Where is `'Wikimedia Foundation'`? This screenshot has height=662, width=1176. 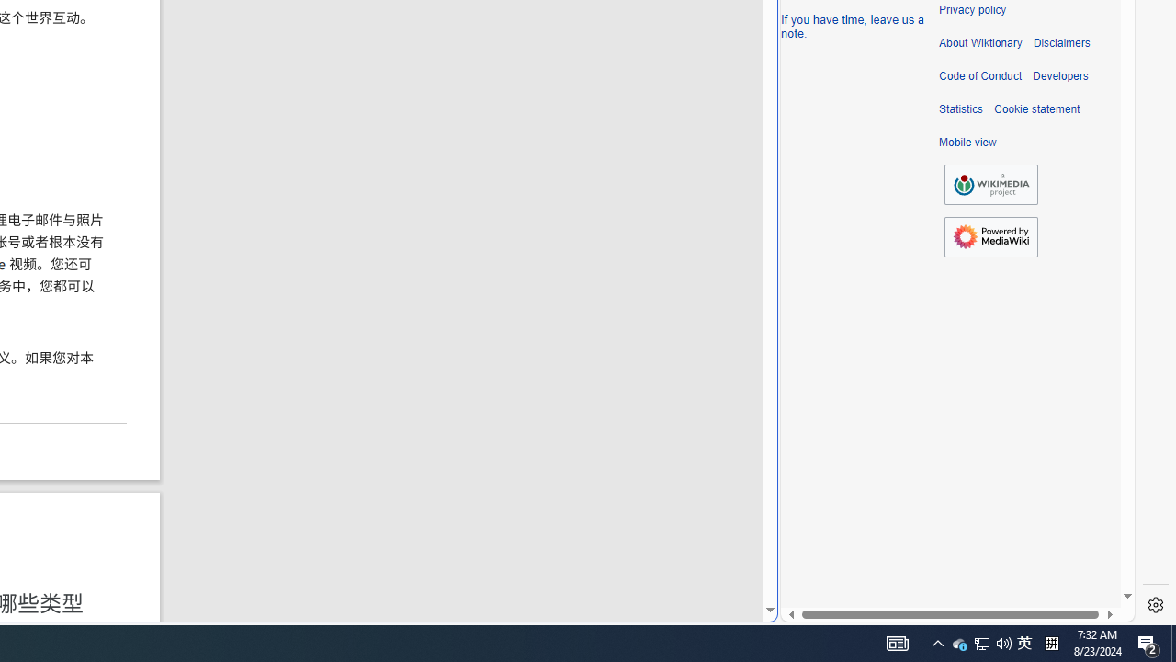
'Wikimedia Foundation' is located at coordinates (990, 185).